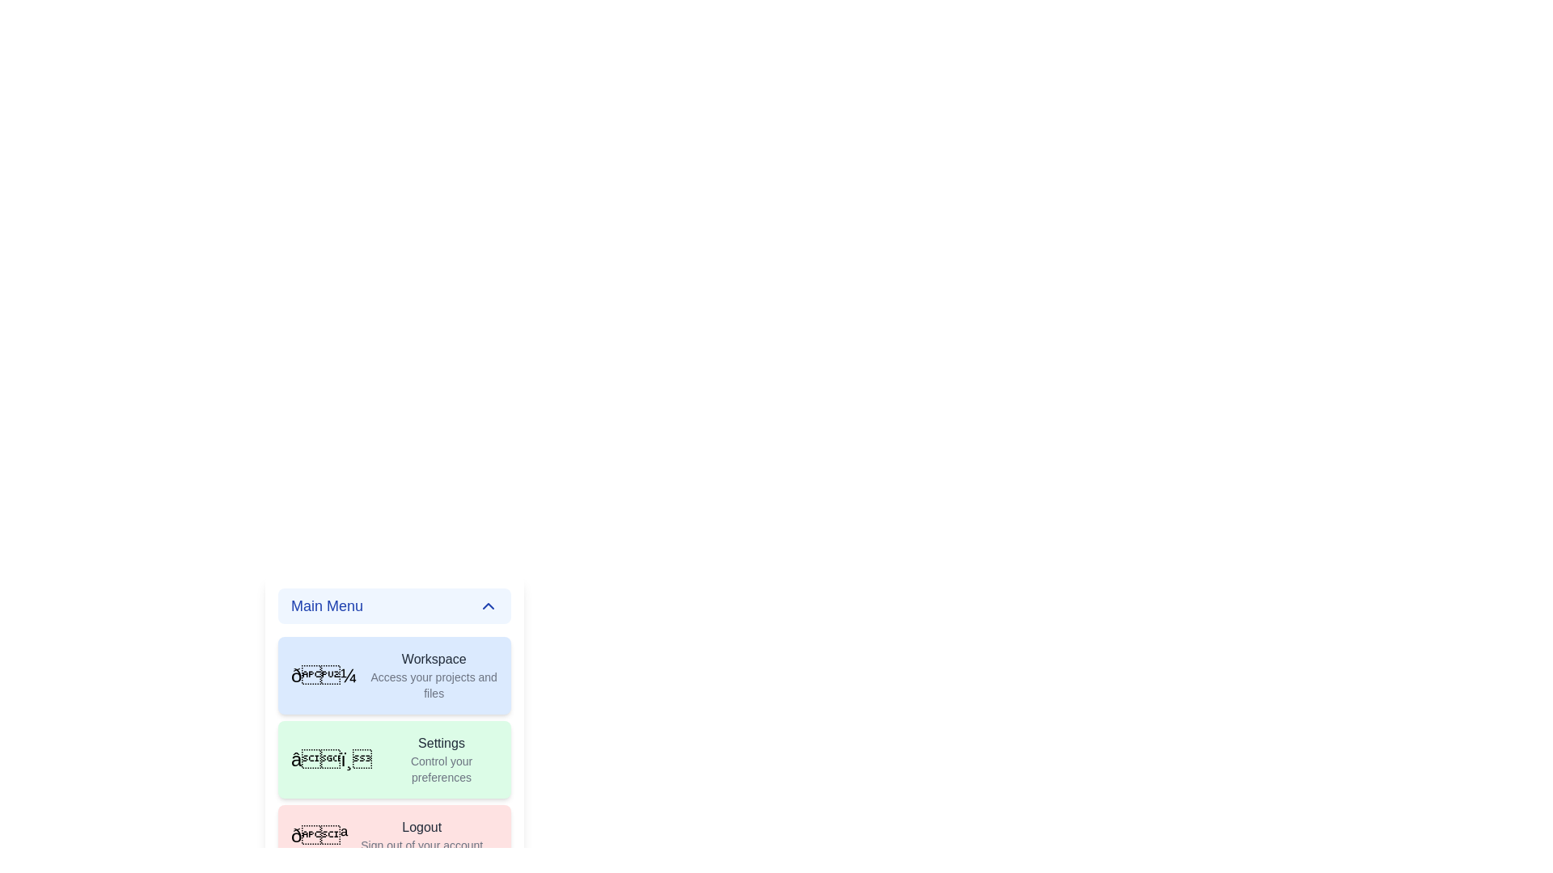 The height and width of the screenshot is (873, 1553). What do you see at coordinates (421, 844) in the screenshot?
I see `the text label that reads 'Sign out of your account', which is displayed in gray color and is smaller than the 'Logout' text above it, indicating it as secondary information` at bounding box center [421, 844].